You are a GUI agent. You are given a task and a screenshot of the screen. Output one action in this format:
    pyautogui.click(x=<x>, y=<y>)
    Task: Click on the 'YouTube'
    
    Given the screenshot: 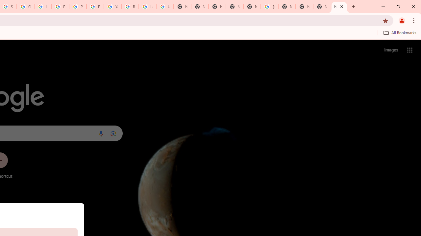 What is the action you would take?
    pyautogui.click(x=112, y=7)
    